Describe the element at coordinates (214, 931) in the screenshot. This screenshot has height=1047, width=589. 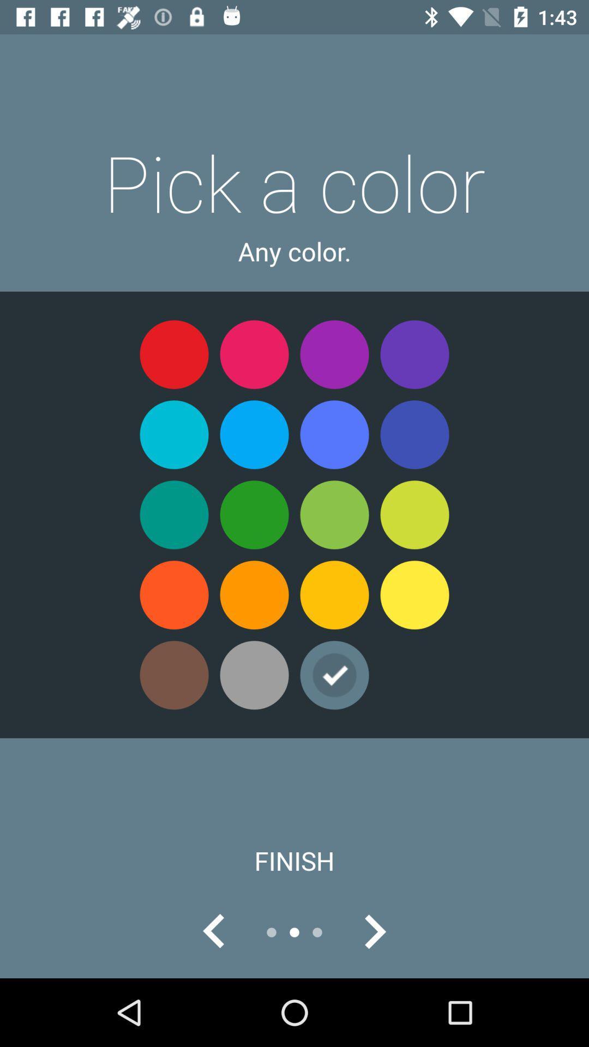
I see `go back` at that location.